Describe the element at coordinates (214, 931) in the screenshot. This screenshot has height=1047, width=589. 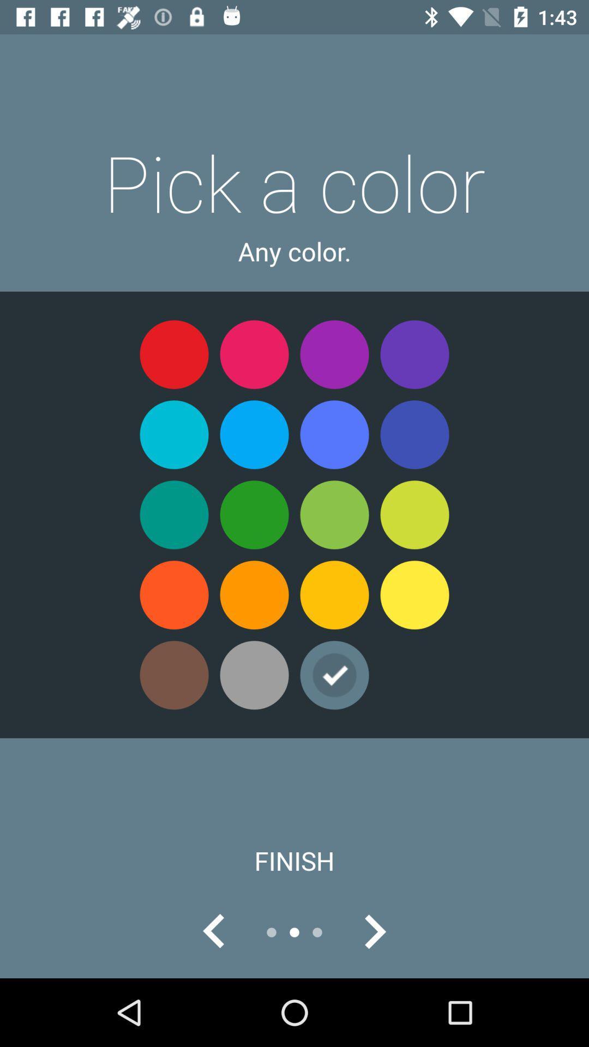
I see `go back` at that location.